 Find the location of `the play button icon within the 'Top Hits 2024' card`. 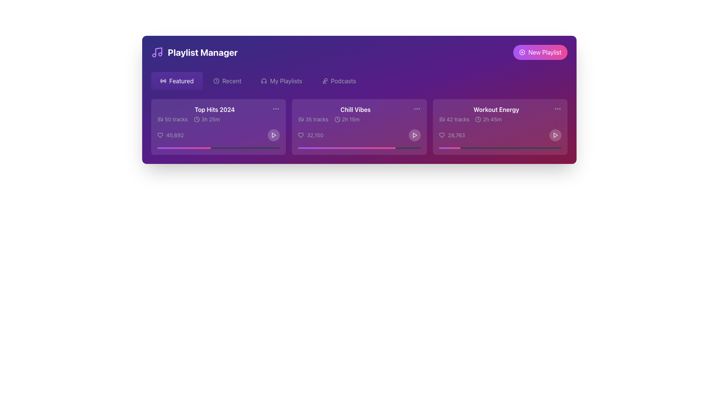

the play button icon within the 'Top Hits 2024' card is located at coordinates (273, 135).